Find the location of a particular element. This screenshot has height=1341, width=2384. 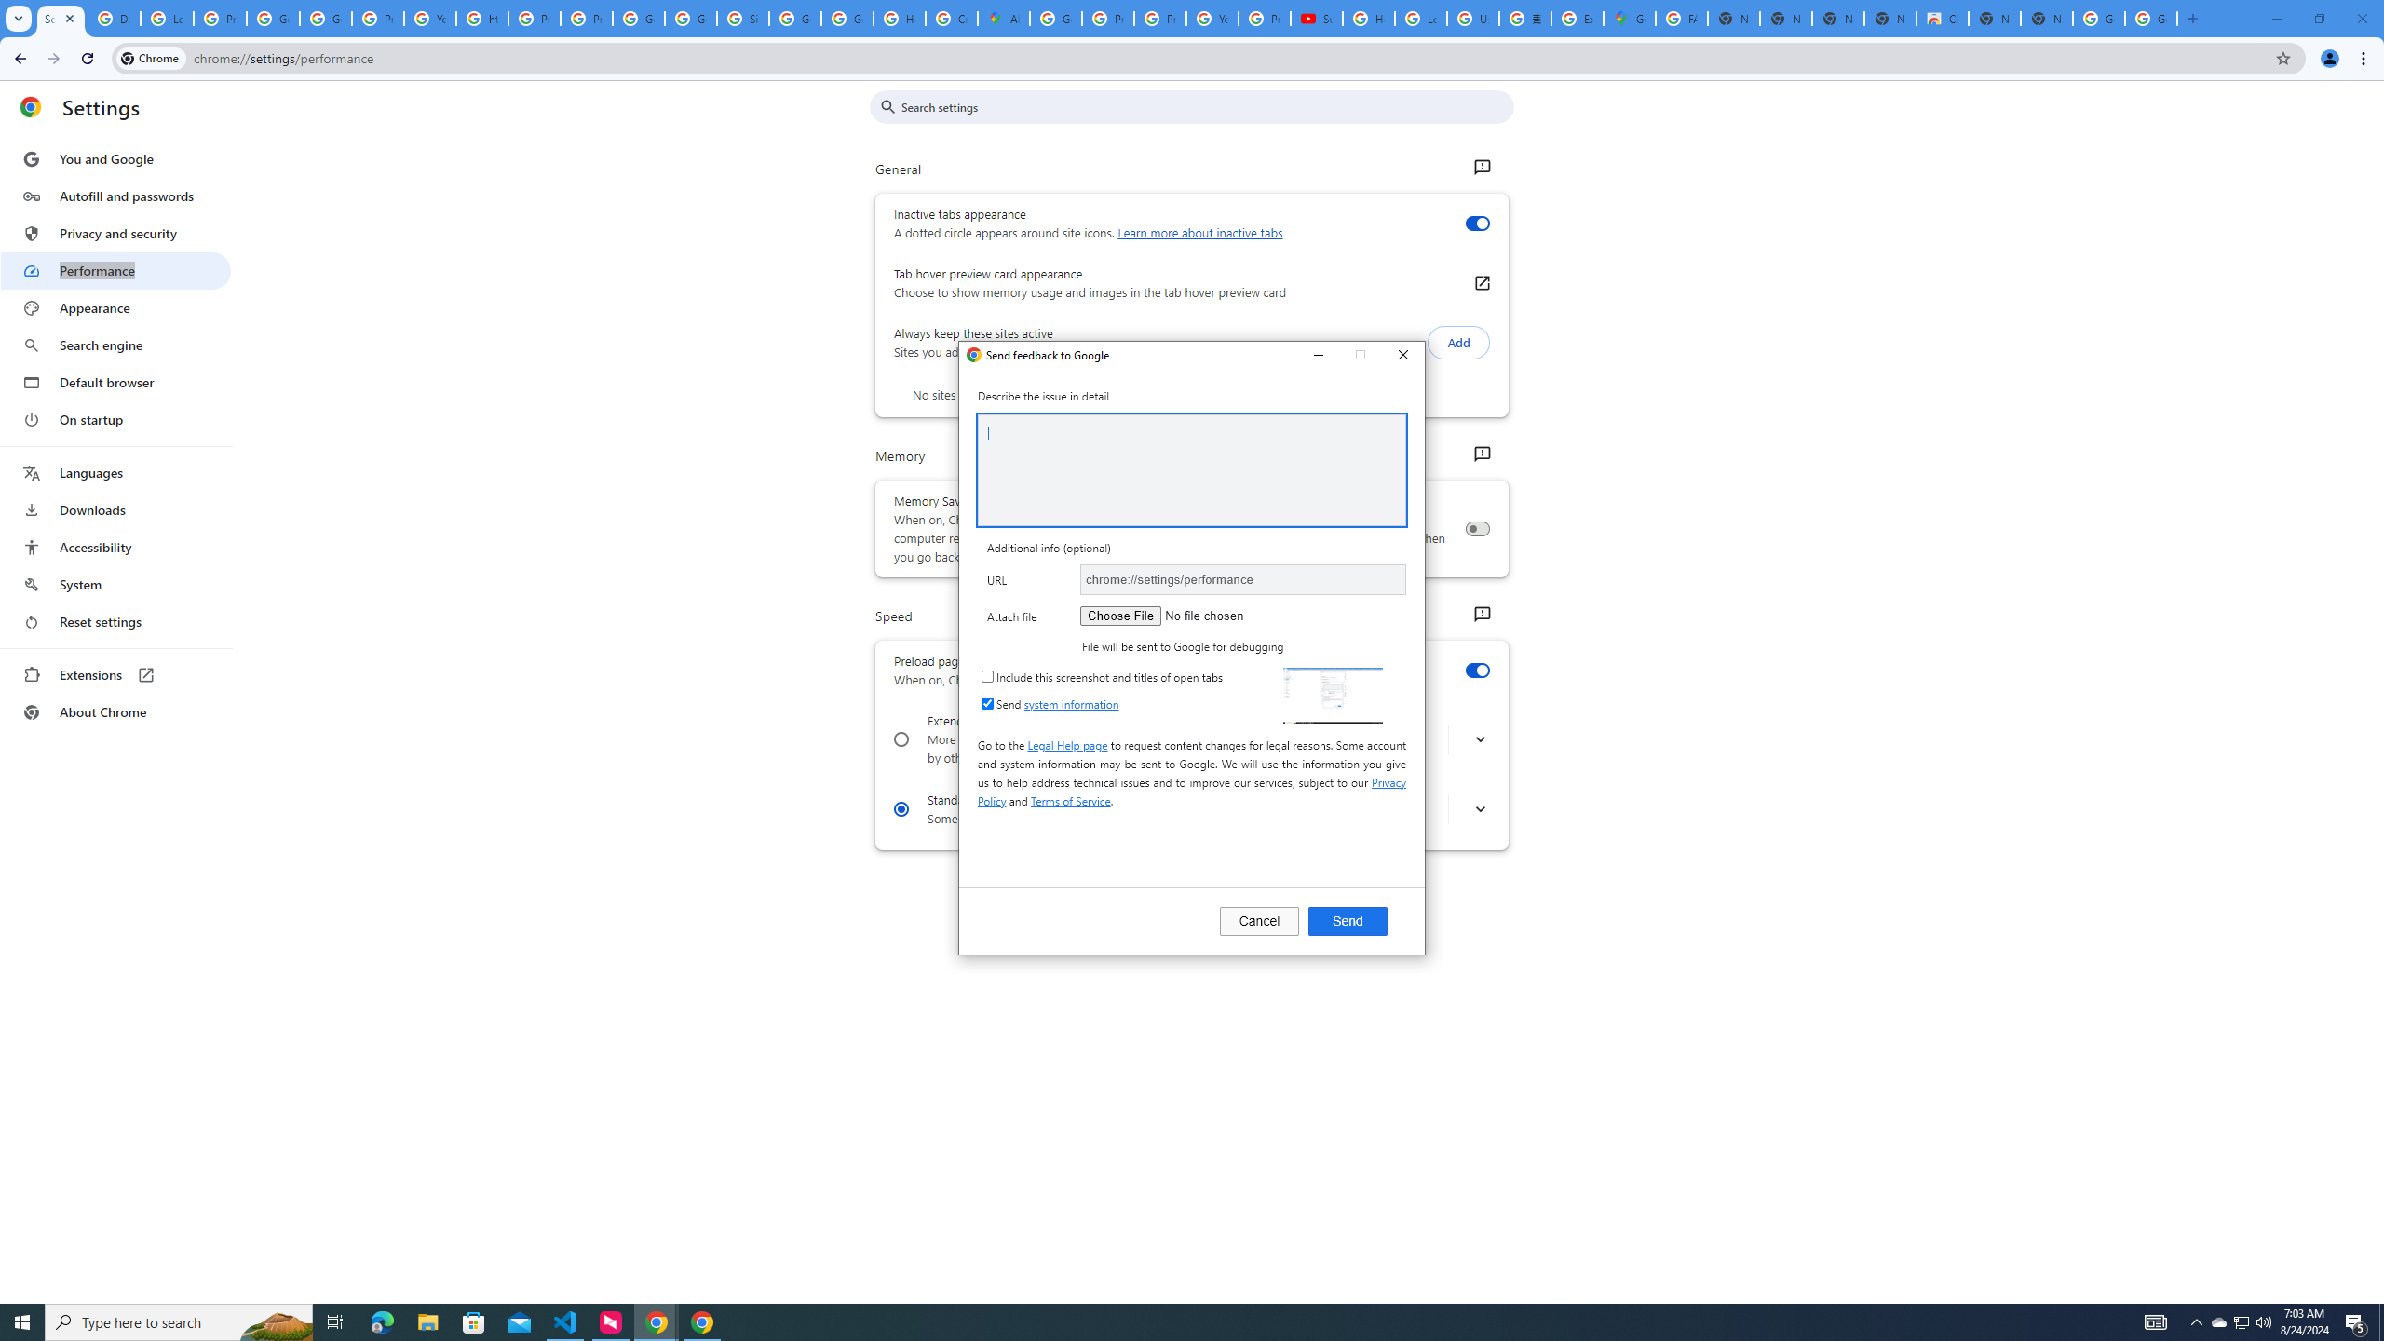

'Type here to search' is located at coordinates (178, 1321).